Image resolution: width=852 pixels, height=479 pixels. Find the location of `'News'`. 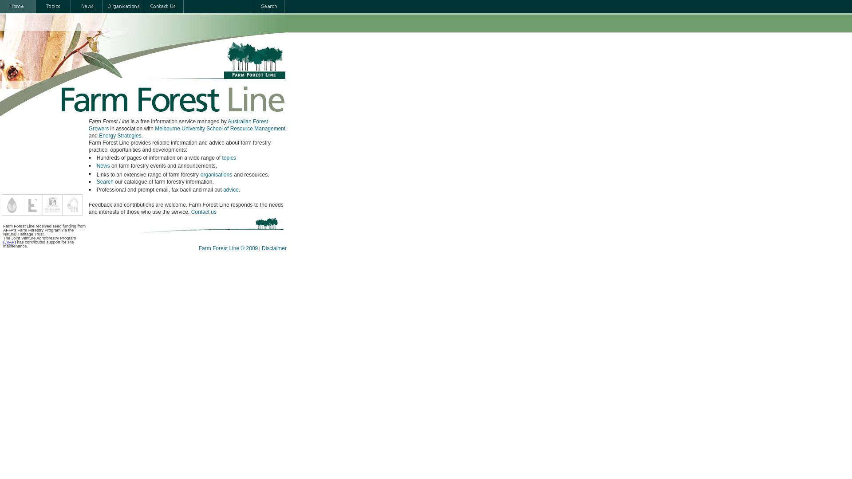

'News' is located at coordinates (96, 166).